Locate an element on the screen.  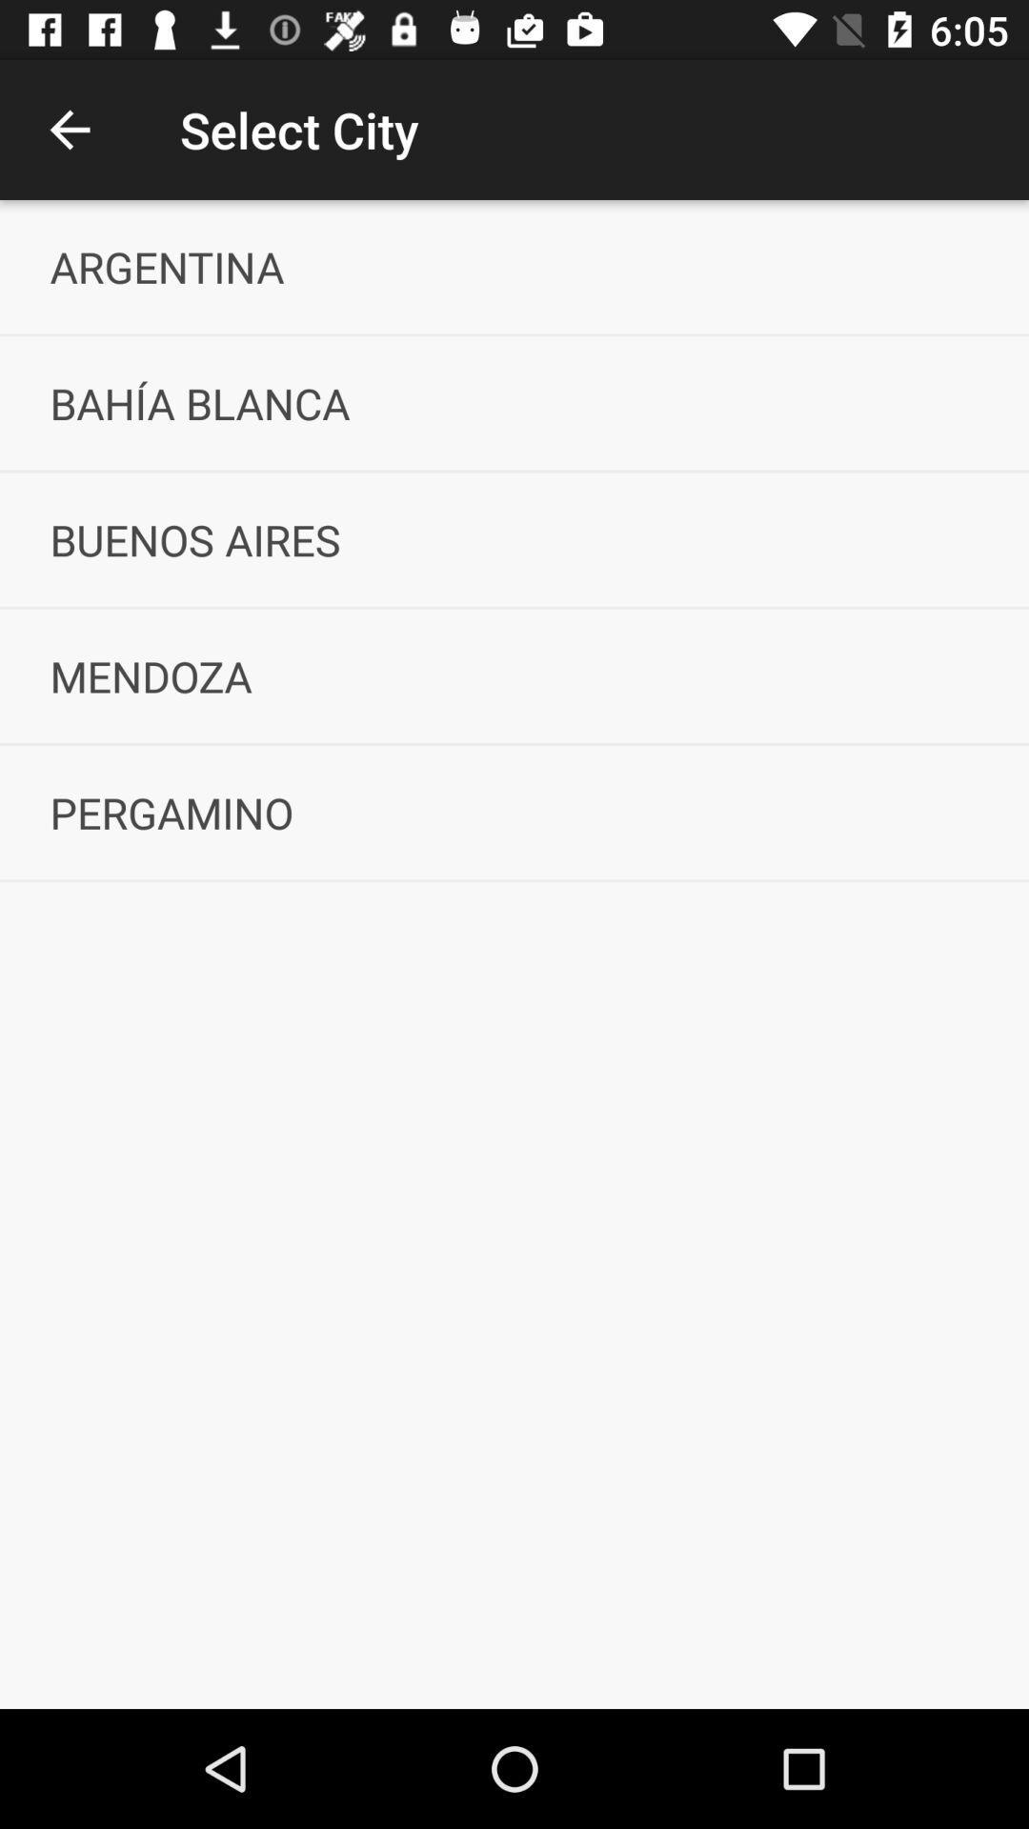
the buenos aires is located at coordinates (514, 538).